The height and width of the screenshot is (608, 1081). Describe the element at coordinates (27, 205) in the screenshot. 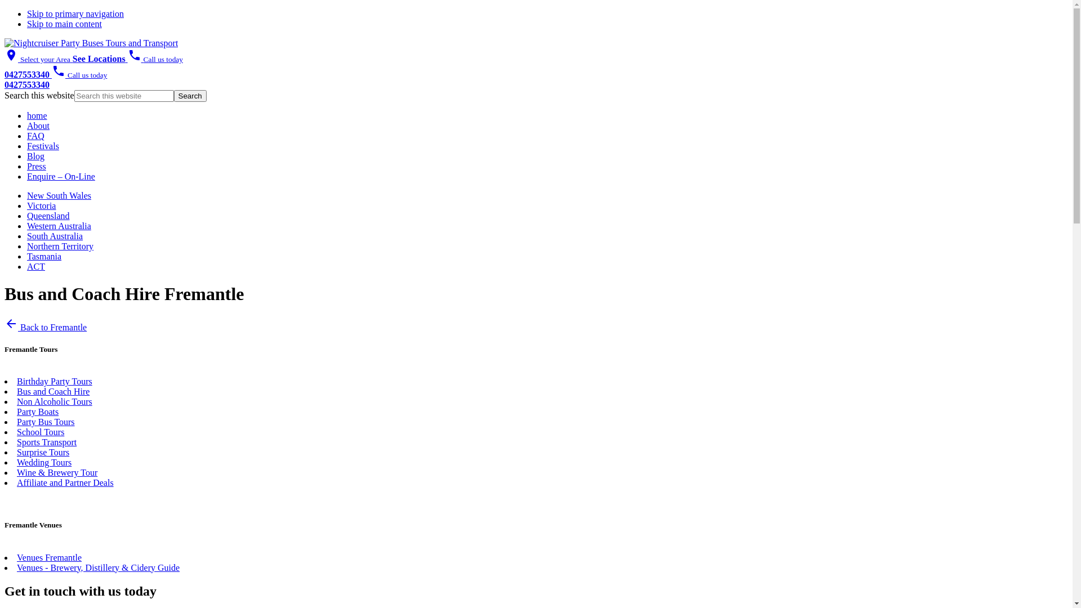

I see `'Victoria'` at that location.